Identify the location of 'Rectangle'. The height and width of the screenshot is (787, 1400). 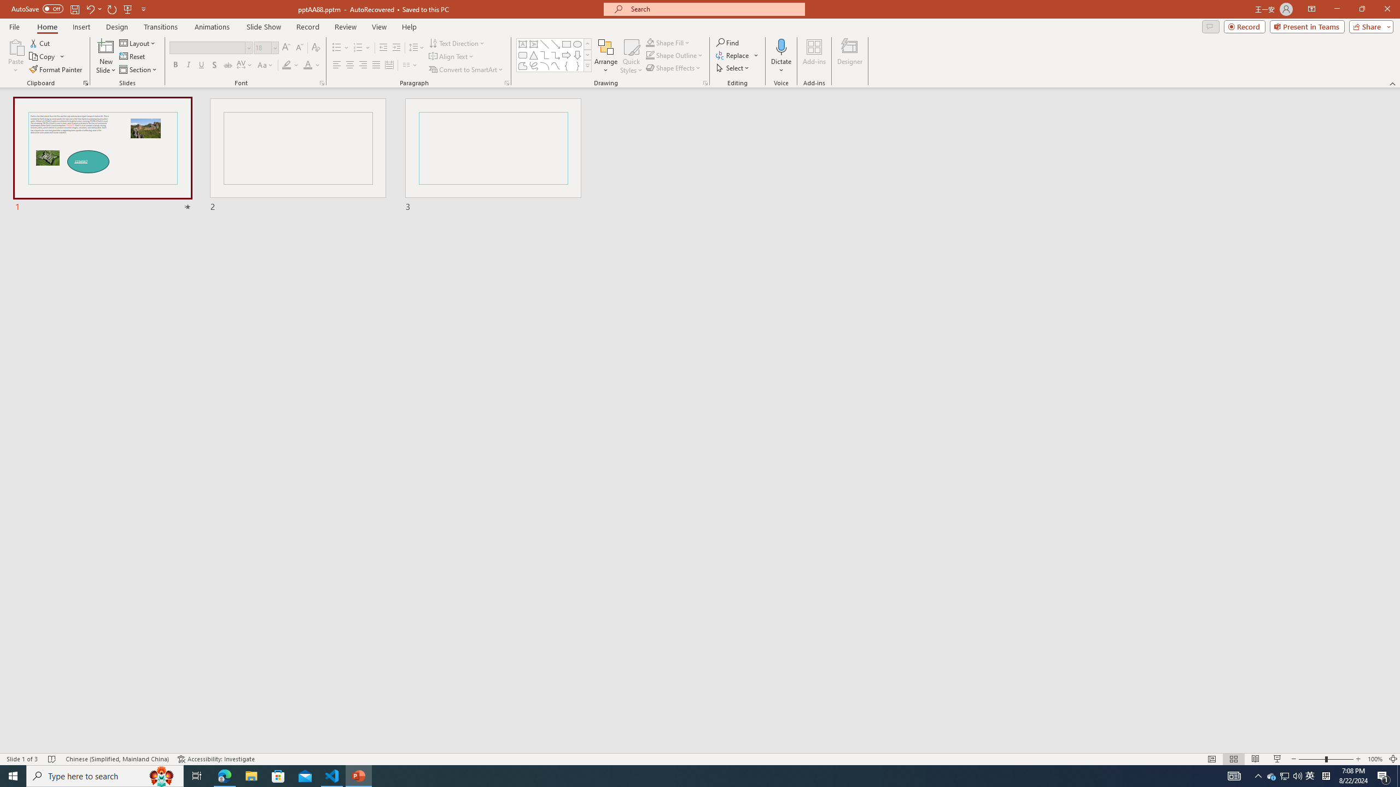
(566, 44).